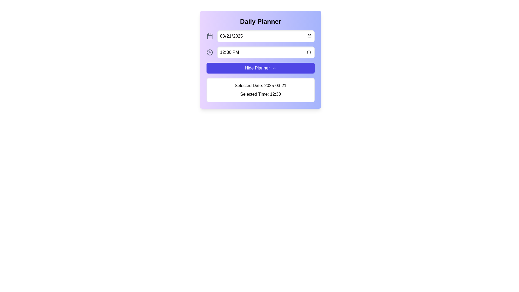  I want to click on the static text label displaying 'Selected Time: 12:30', which is centrally aligned and positioned below the 'Selected Date: 2025-03-21' text, so click(261, 94).